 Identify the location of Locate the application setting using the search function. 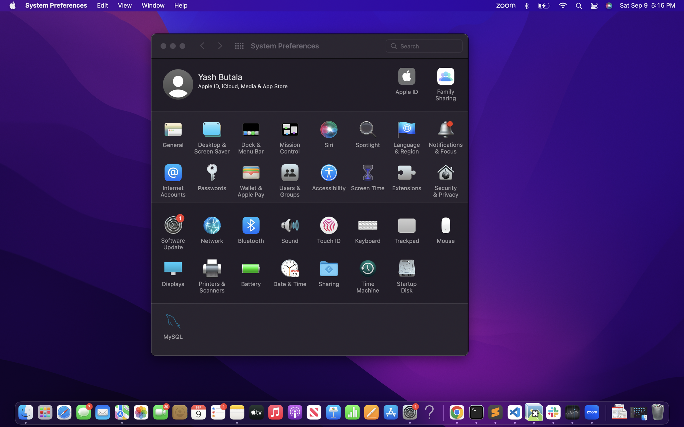
(425, 45).